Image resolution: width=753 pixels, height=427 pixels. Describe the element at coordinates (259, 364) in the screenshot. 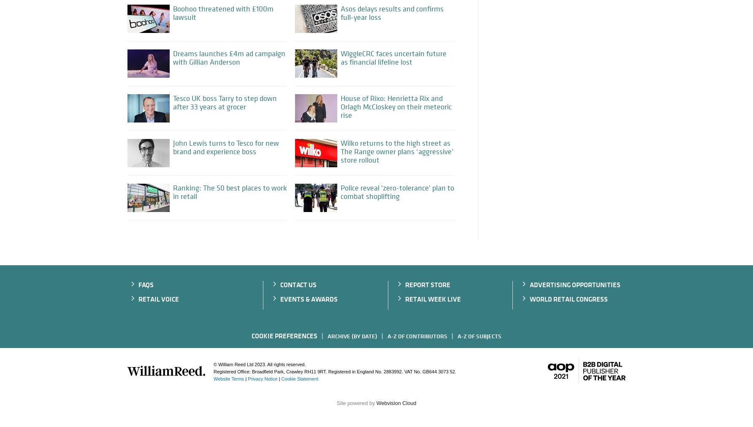

I see `'© William Reed Ltd 2023. All rights reserved.'` at that location.